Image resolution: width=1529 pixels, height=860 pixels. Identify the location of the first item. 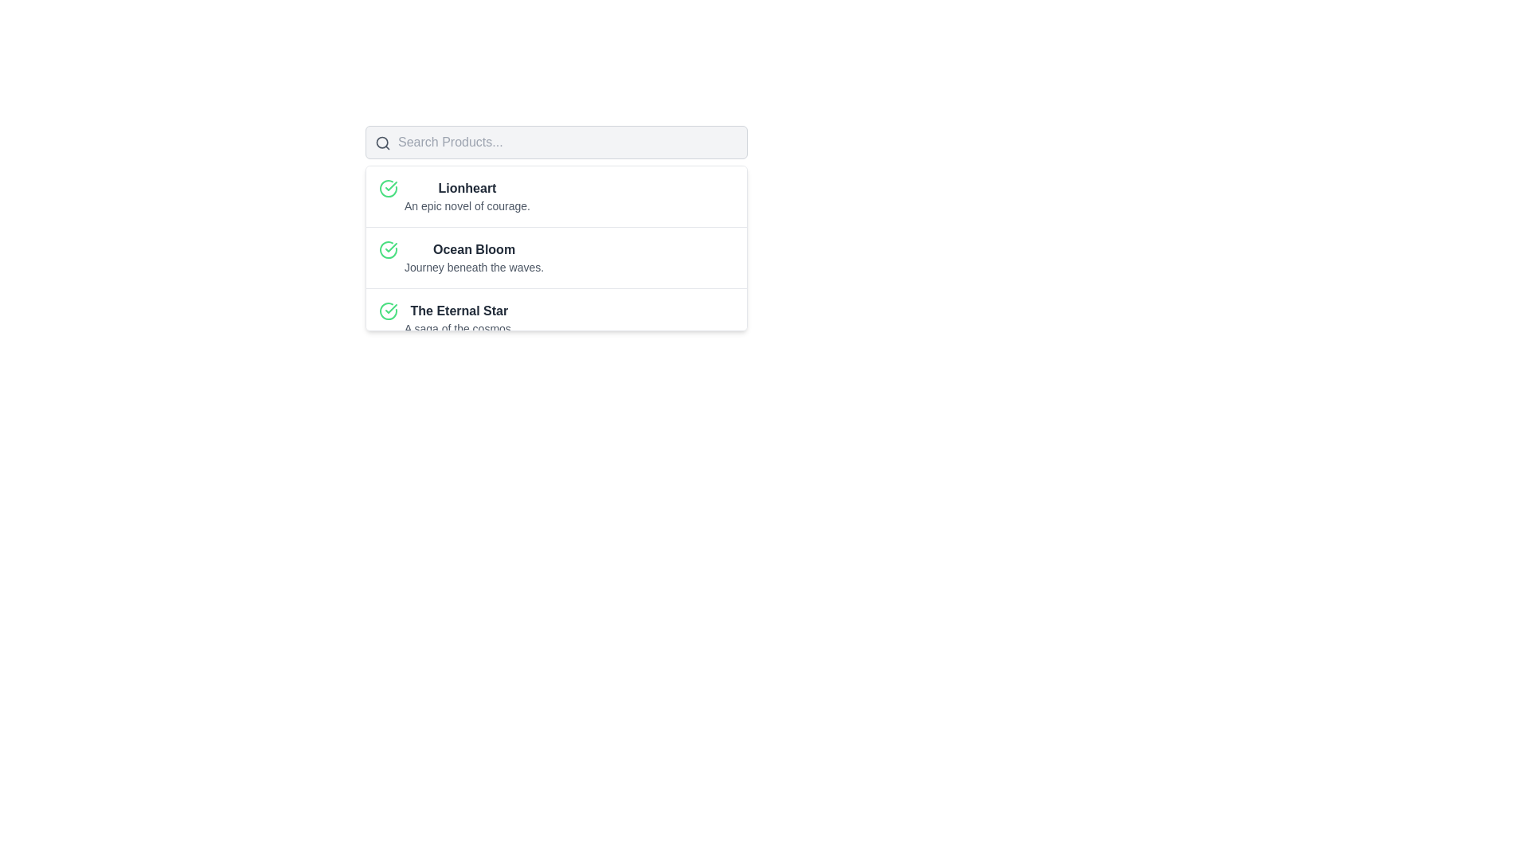
(557, 195).